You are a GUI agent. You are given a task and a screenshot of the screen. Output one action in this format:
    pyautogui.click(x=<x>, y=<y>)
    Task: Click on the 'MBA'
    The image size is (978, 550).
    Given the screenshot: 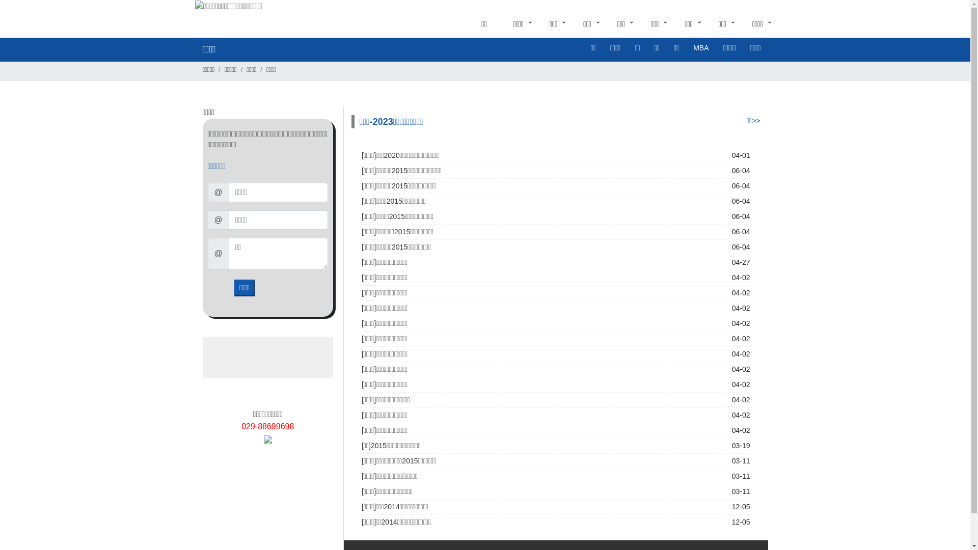 What is the action you would take?
    pyautogui.click(x=700, y=47)
    